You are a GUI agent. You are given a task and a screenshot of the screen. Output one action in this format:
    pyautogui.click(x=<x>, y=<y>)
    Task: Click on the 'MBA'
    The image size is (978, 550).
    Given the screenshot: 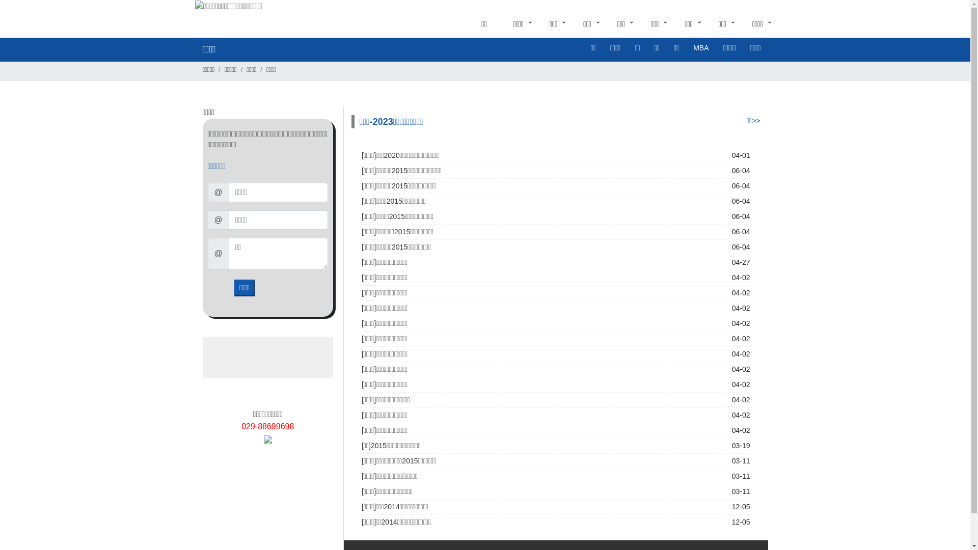 What is the action you would take?
    pyautogui.click(x=700, y=47)
    